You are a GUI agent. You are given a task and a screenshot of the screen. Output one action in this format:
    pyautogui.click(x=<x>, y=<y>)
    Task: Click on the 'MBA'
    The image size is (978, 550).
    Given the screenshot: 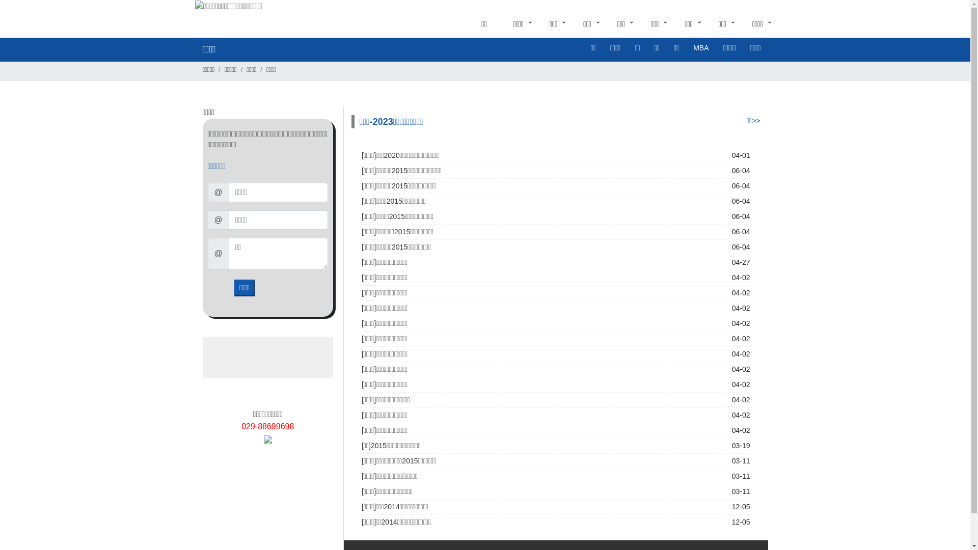 What is the action you would take?
    pyautogui.click(x=700, y=47)
    